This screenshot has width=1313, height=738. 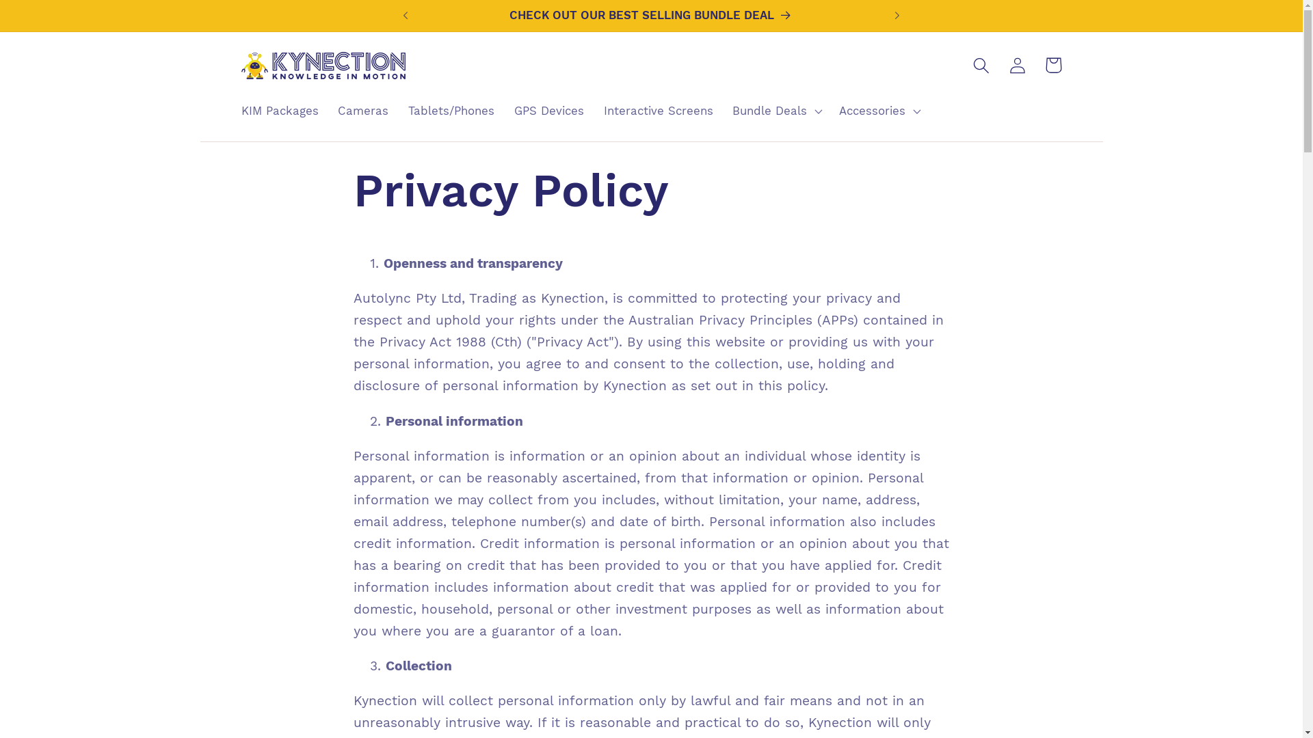 I want to click on 'GPS Devices', so click(x=548, y=110).